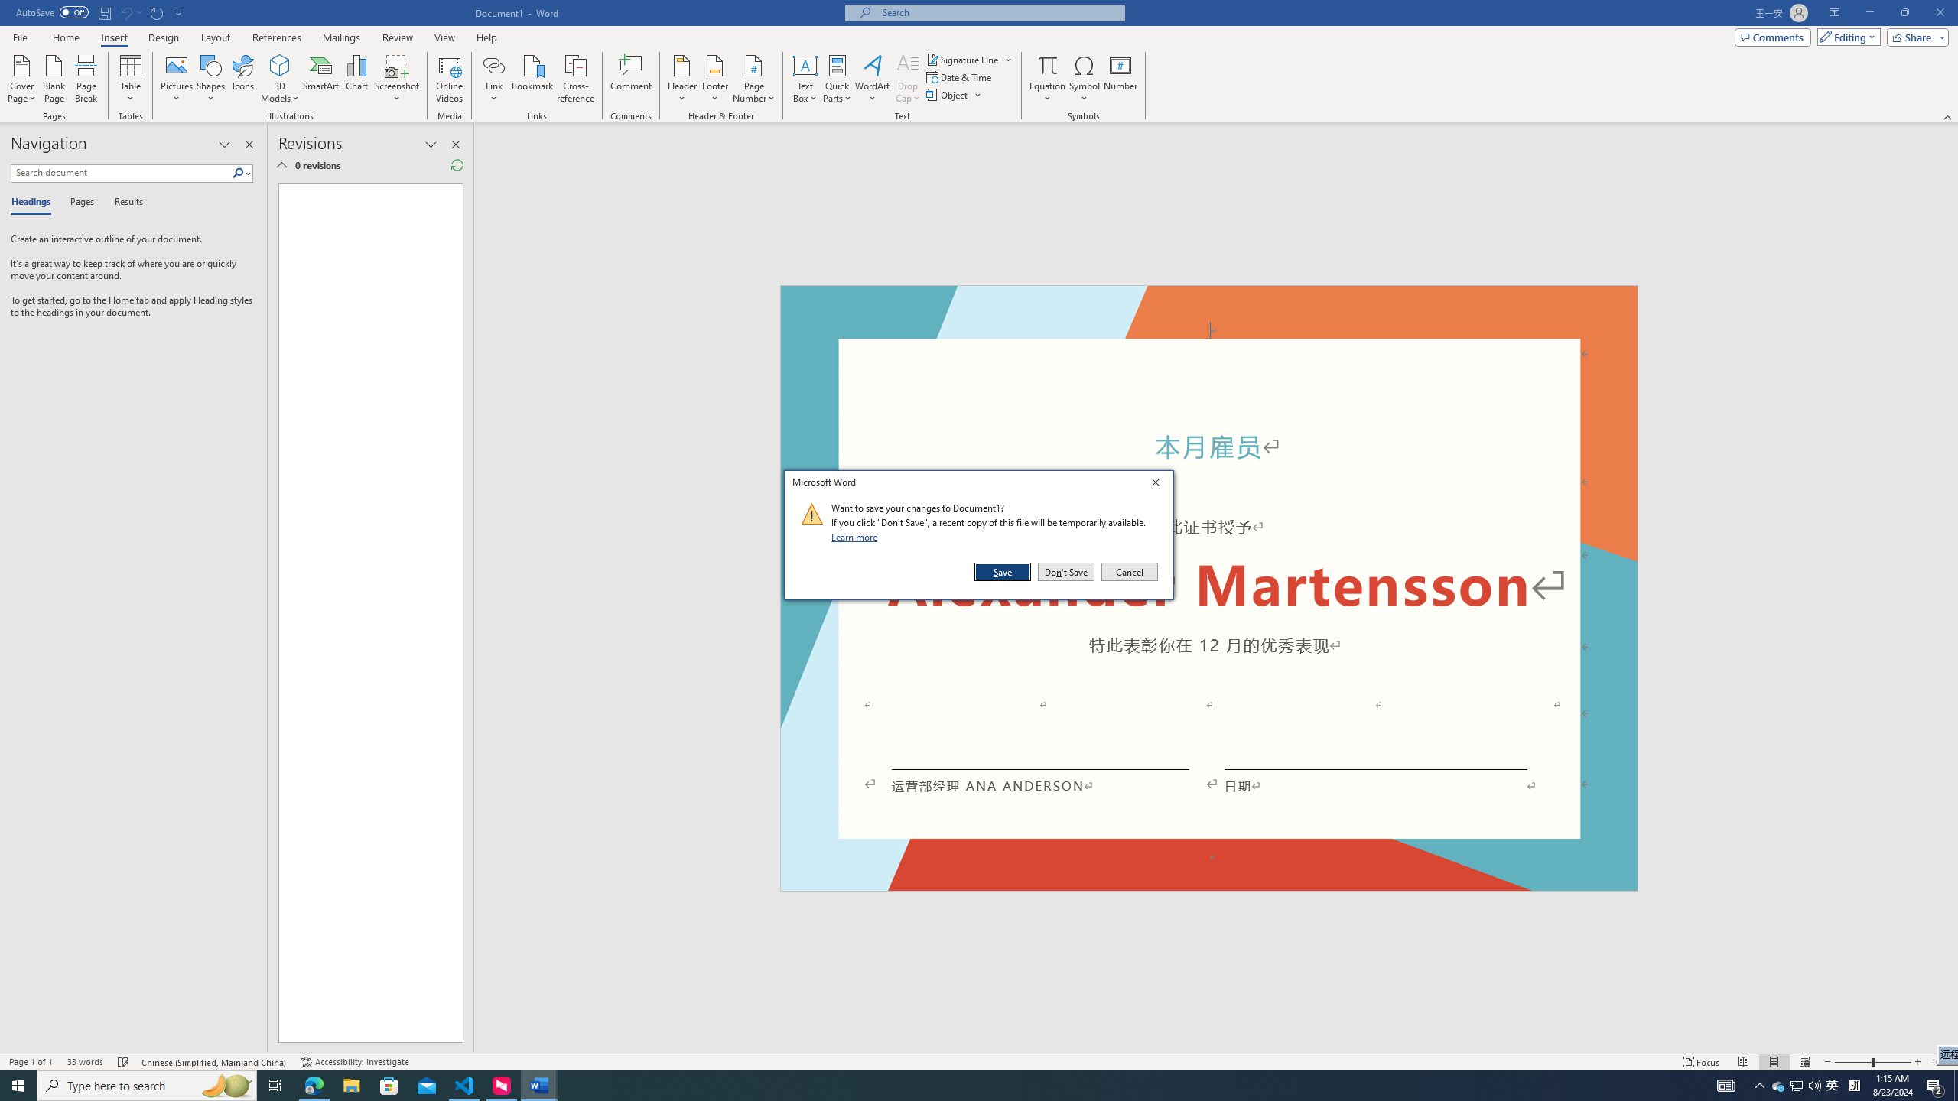  What do you see at coordinates (960, 76) in the screenshot?
I see `'Date & Time...'` at bounding box center [960, 76].